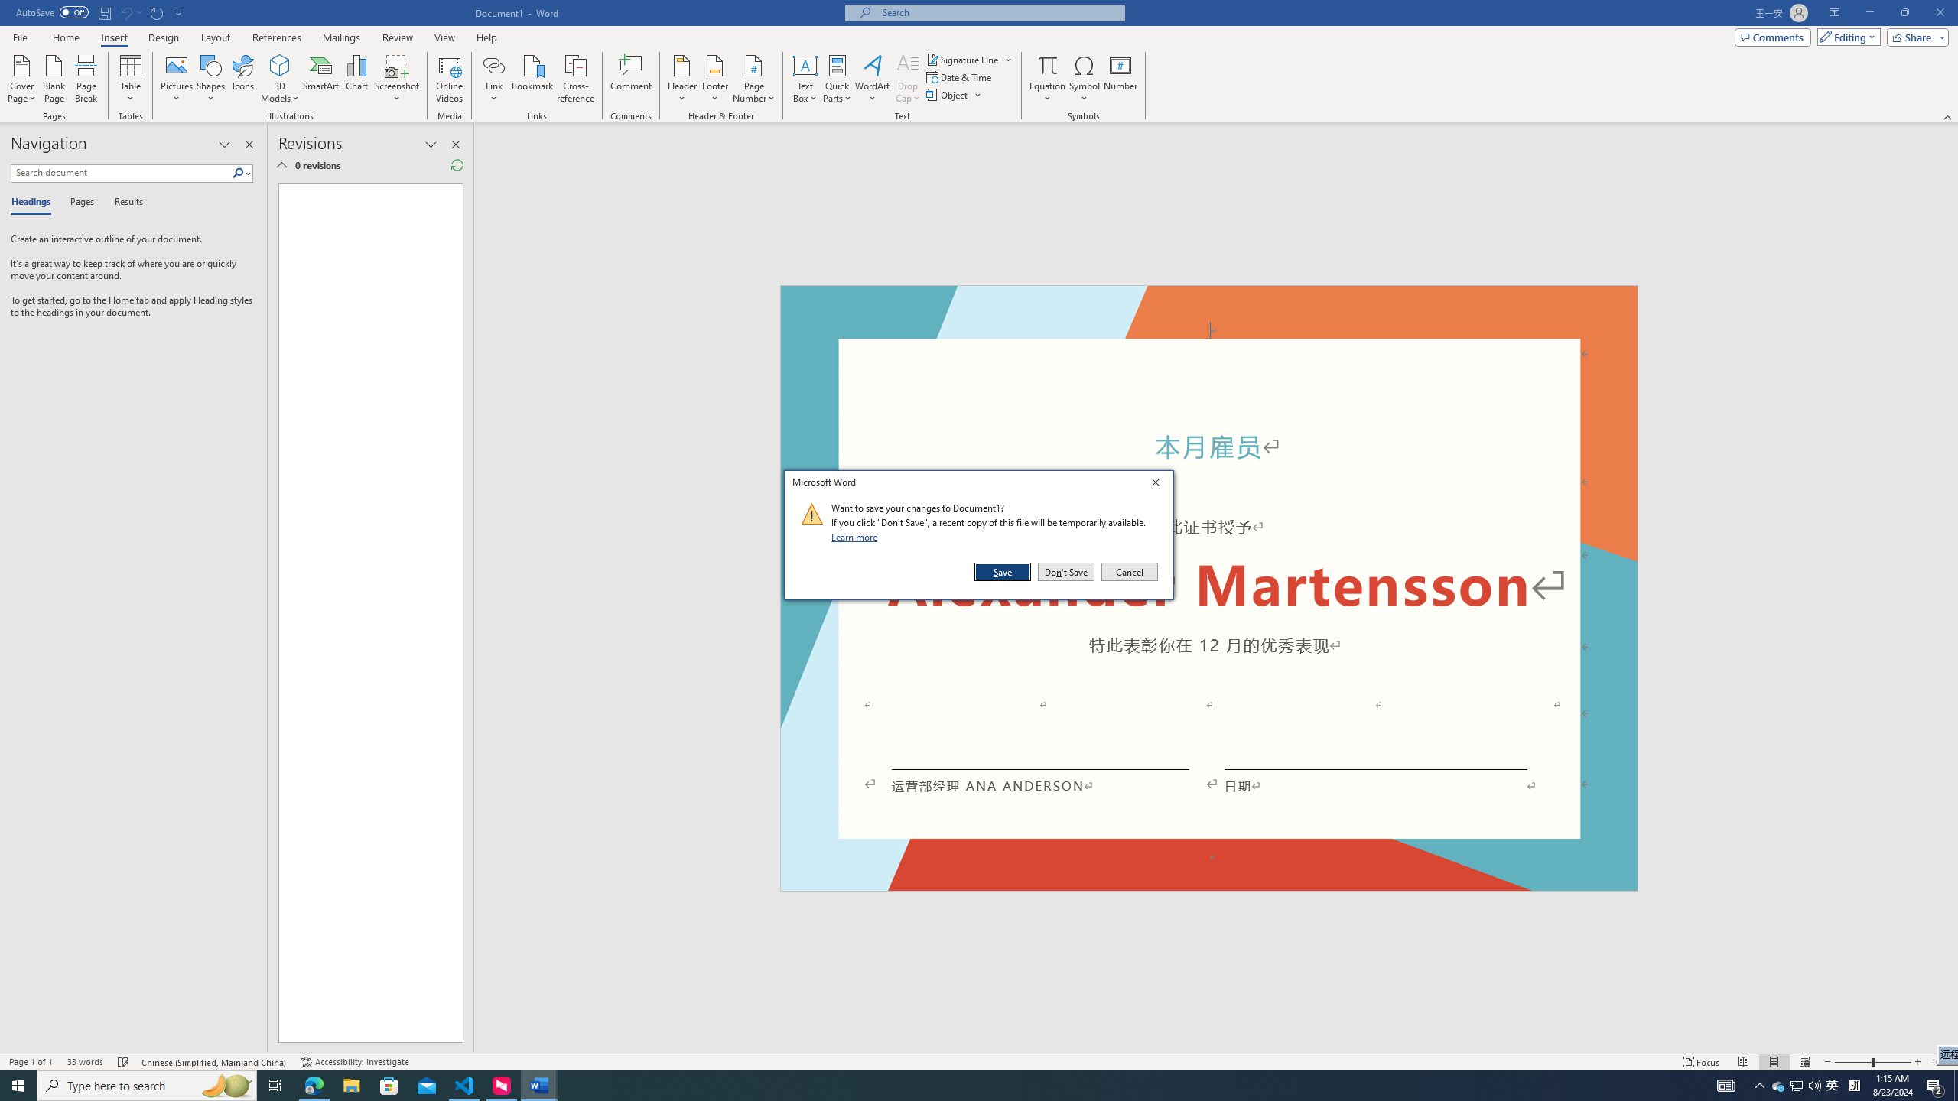  What do you see at coordinates (960, 76) in the screenshot?
I see `'Date & Time...'` at bounding box center [960, 76].